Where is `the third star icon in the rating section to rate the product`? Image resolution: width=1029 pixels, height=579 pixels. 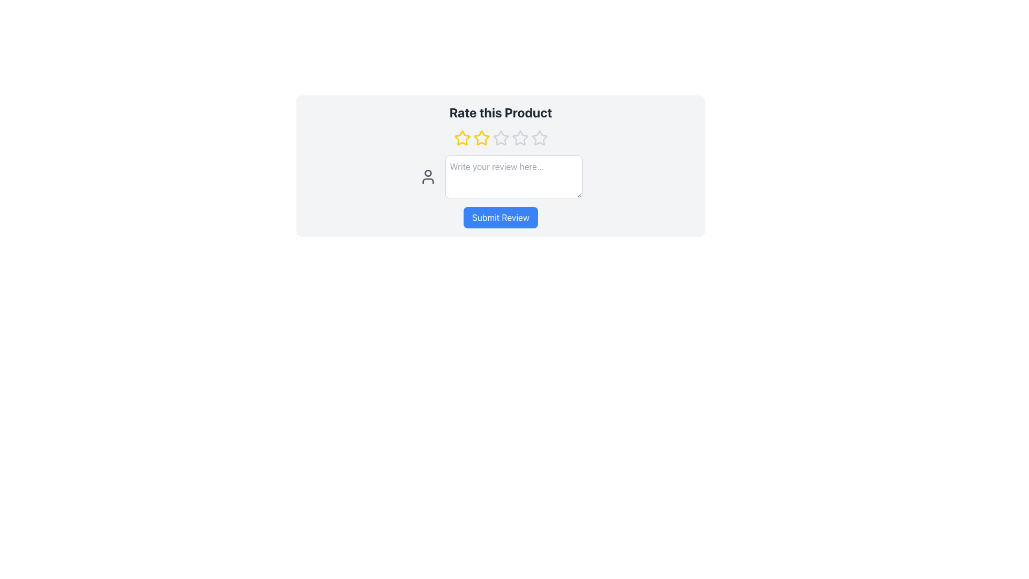
the third star icon in the rating section to rate the product is located at coordinates (500, 138).